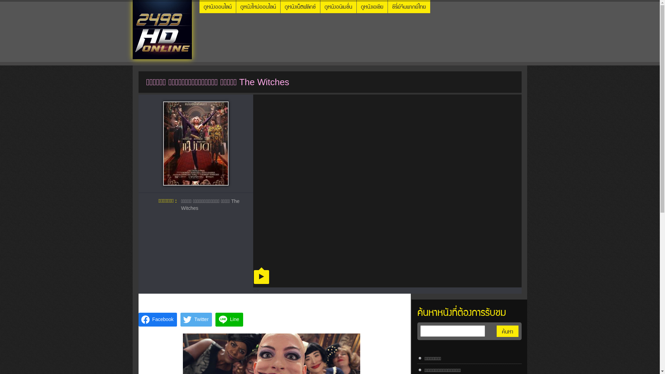  Describe the element at coordinates (229, 319) in the screenshot. I see `'Line'` at that location.